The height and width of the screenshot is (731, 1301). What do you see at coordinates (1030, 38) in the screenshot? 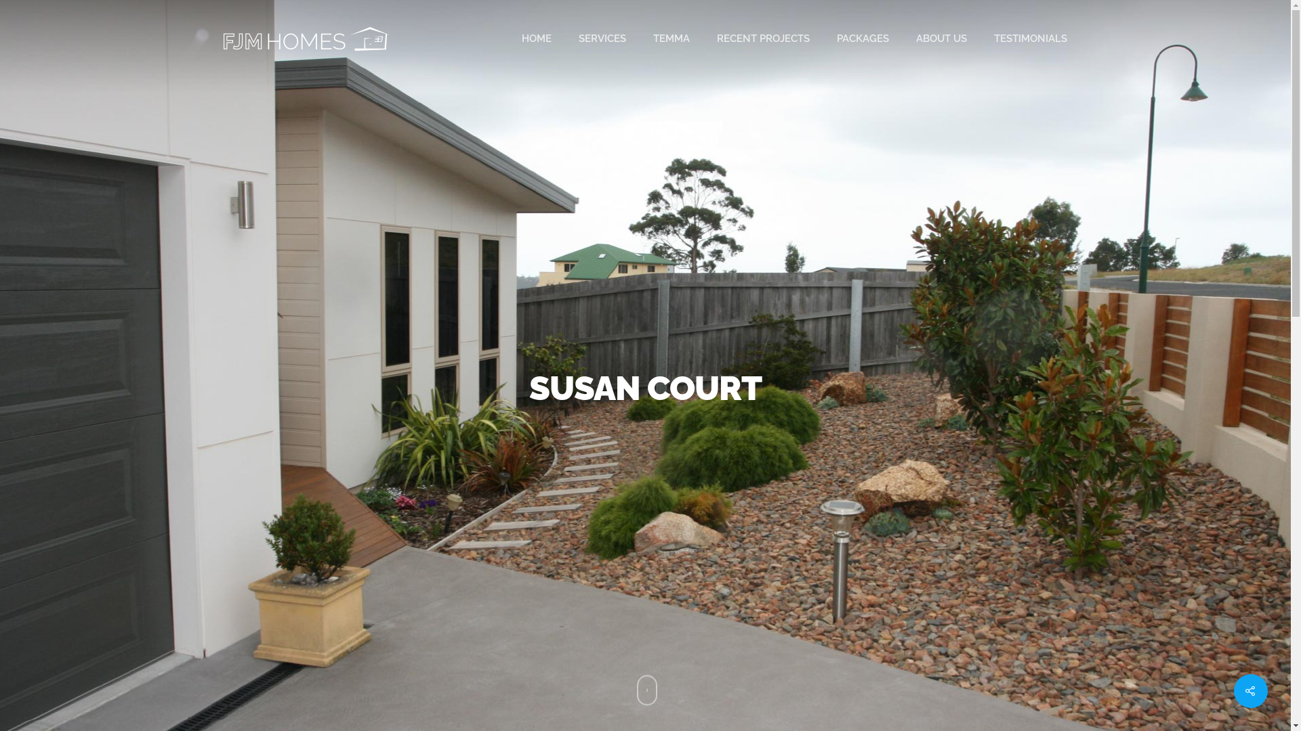
I see `'TESTIMONIALS'` at bounding box center [1030, 38].